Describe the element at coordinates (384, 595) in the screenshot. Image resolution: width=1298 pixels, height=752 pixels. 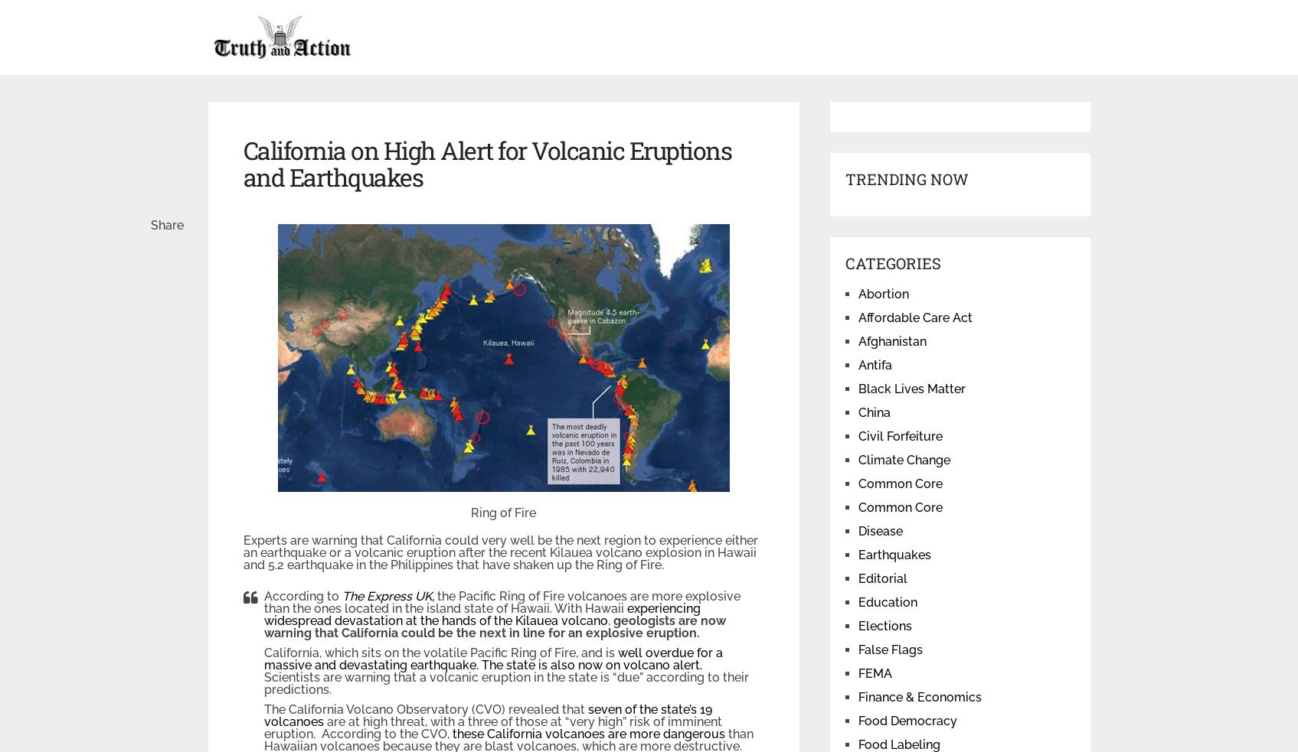
I see `'The Express UK,'` at that location.